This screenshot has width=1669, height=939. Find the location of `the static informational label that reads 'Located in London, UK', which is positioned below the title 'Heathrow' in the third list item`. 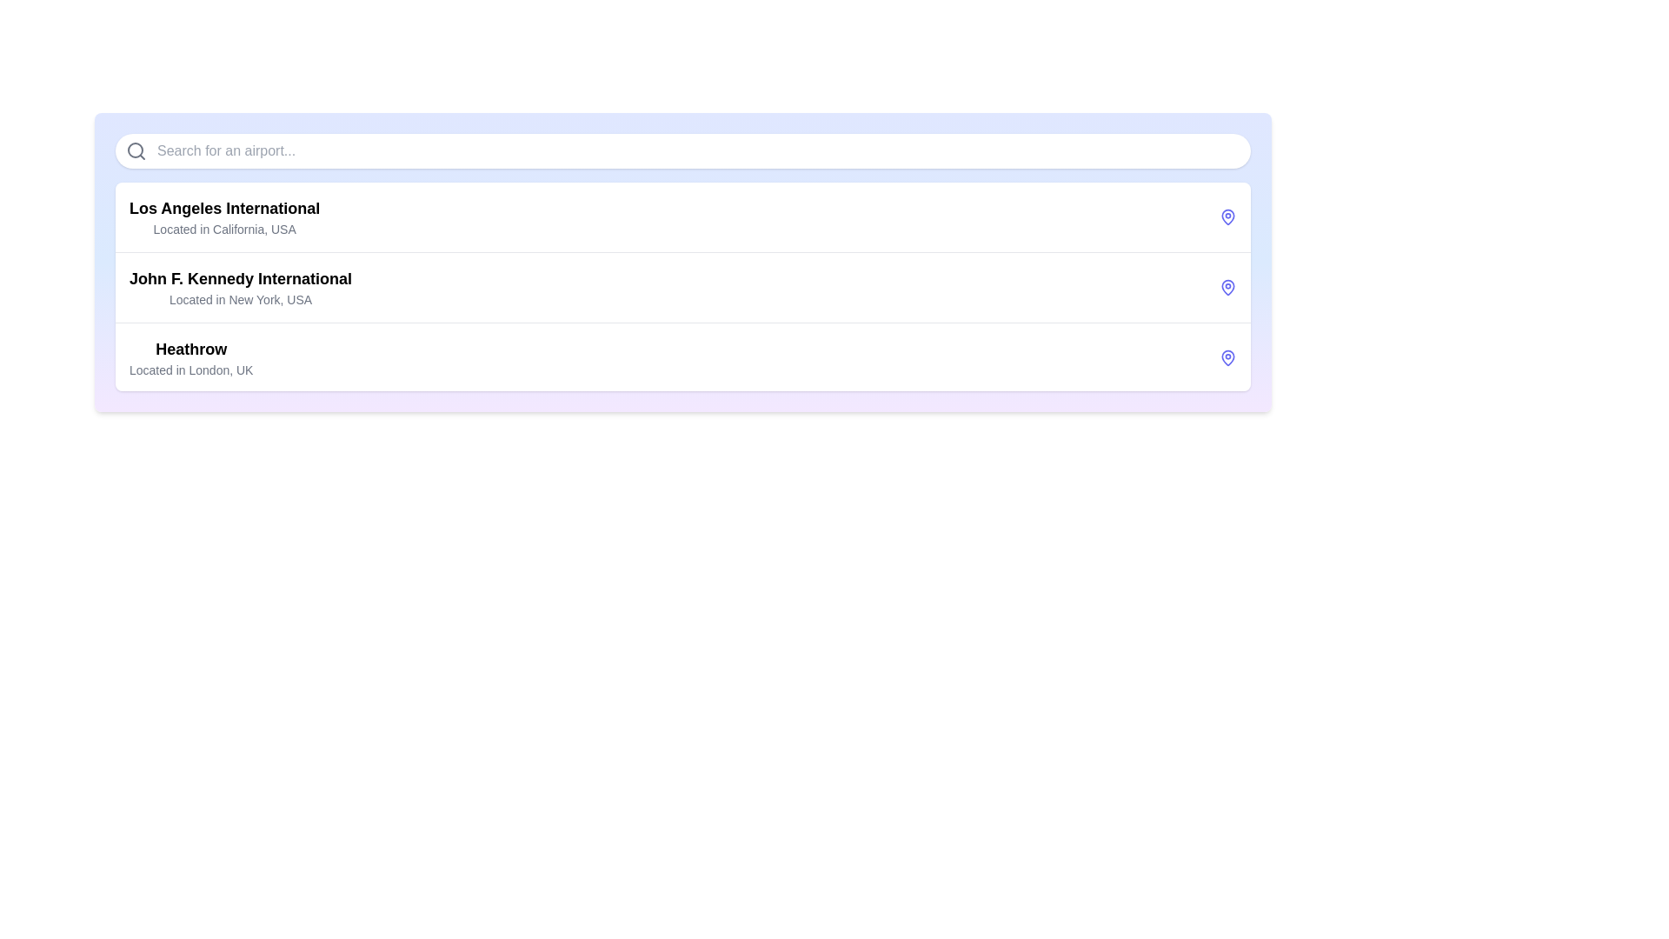

the static informational label that reads 'Located in London, UK', which is positioned below the title 'Heathrow' in the third list item is located at coordinates (191, 369).